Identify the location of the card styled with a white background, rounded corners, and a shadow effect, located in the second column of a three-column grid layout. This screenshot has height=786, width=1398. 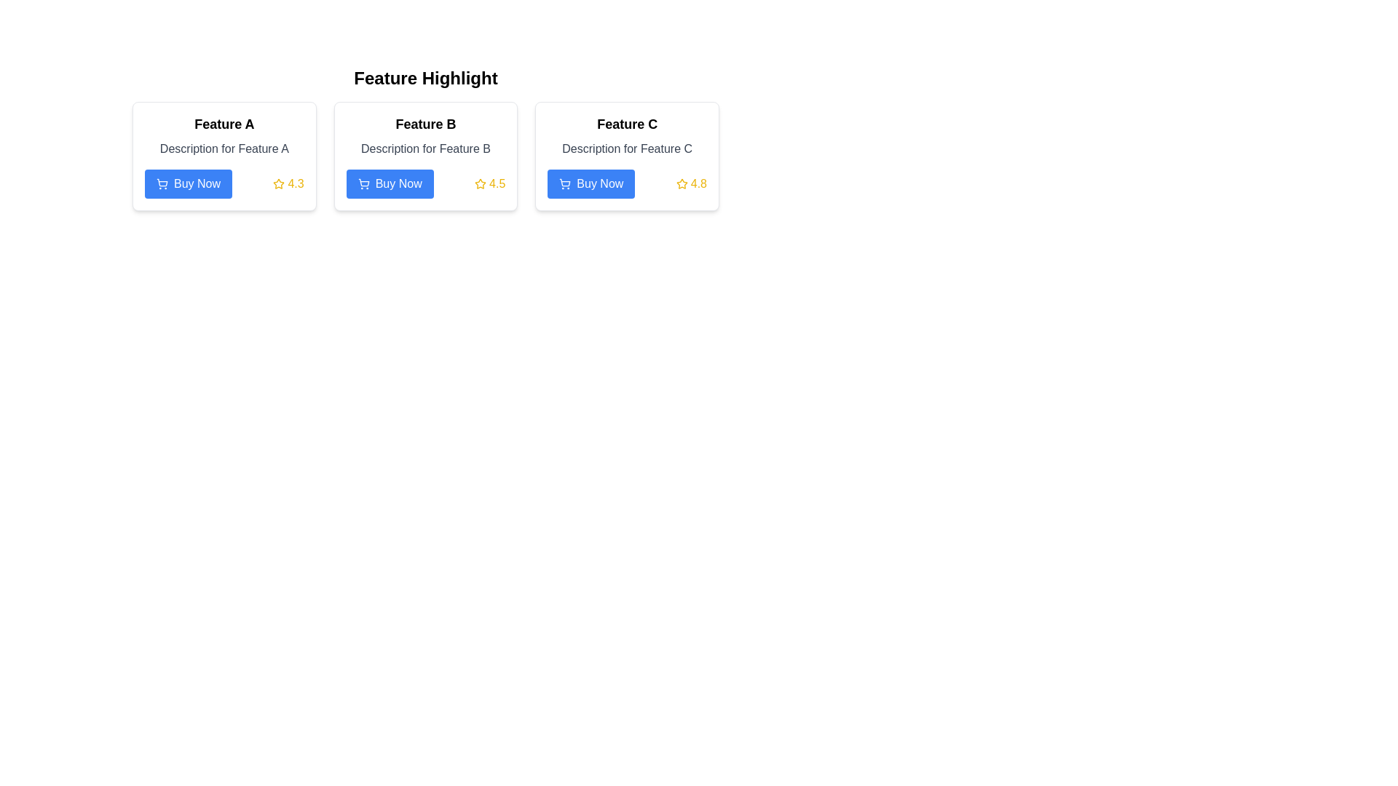
(425, 156).